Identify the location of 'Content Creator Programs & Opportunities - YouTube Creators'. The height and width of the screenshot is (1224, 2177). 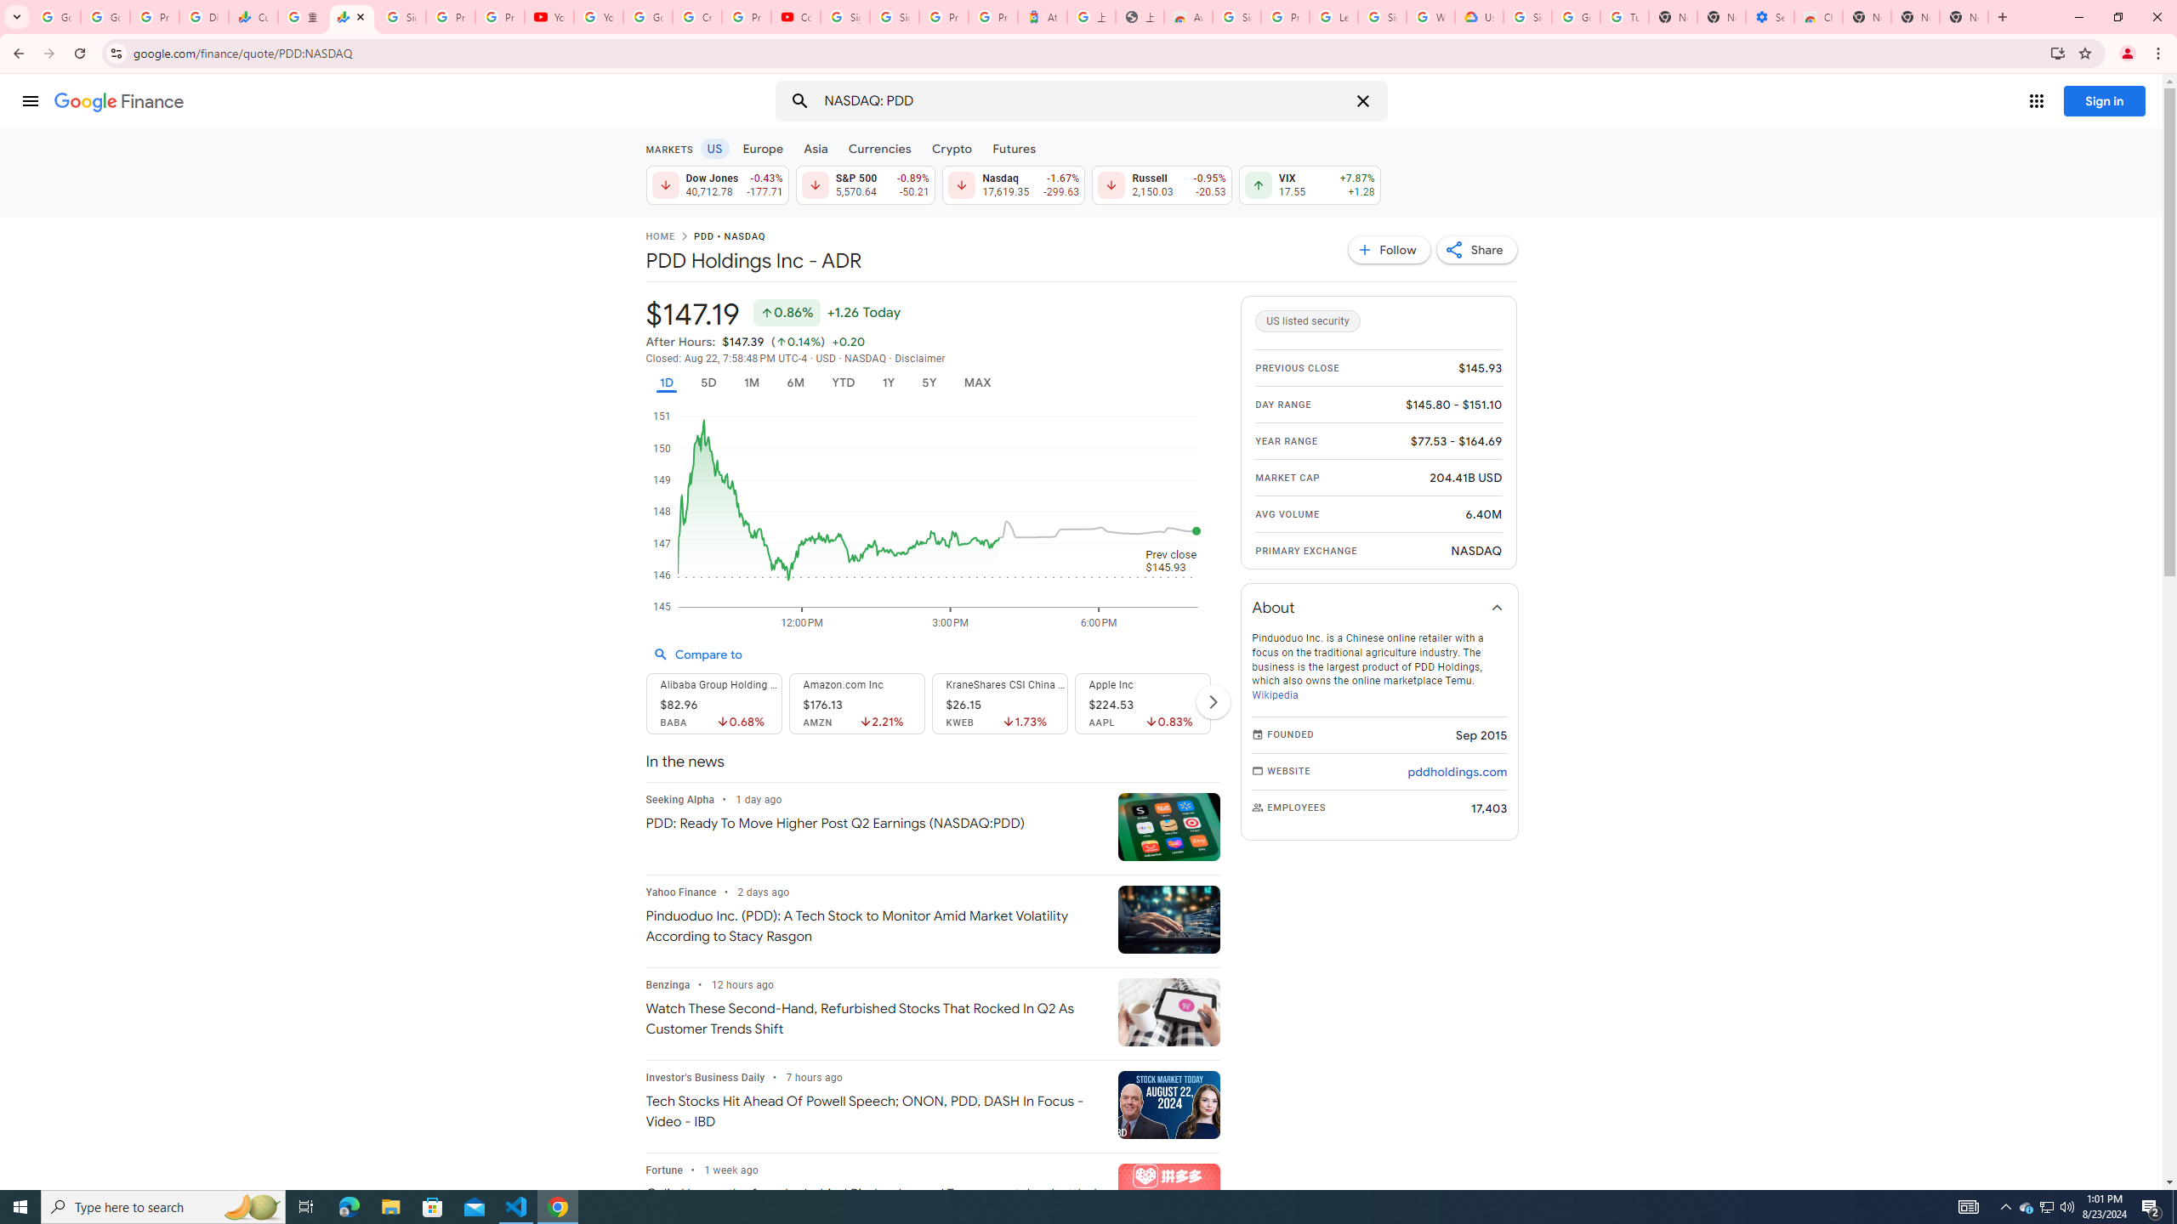
(794, 16).